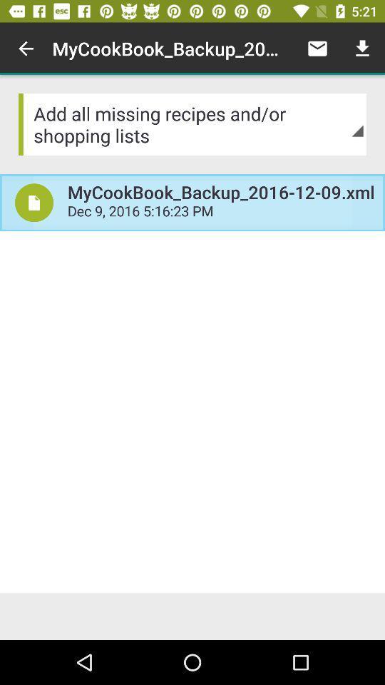 Image resolution: width=385 pixels, height=685 pixels. Describe the element at coordinates (34, 202) in the screenshot. I see `icon to the left of the mycookbook_backup_2016 12 09 item` at that location.